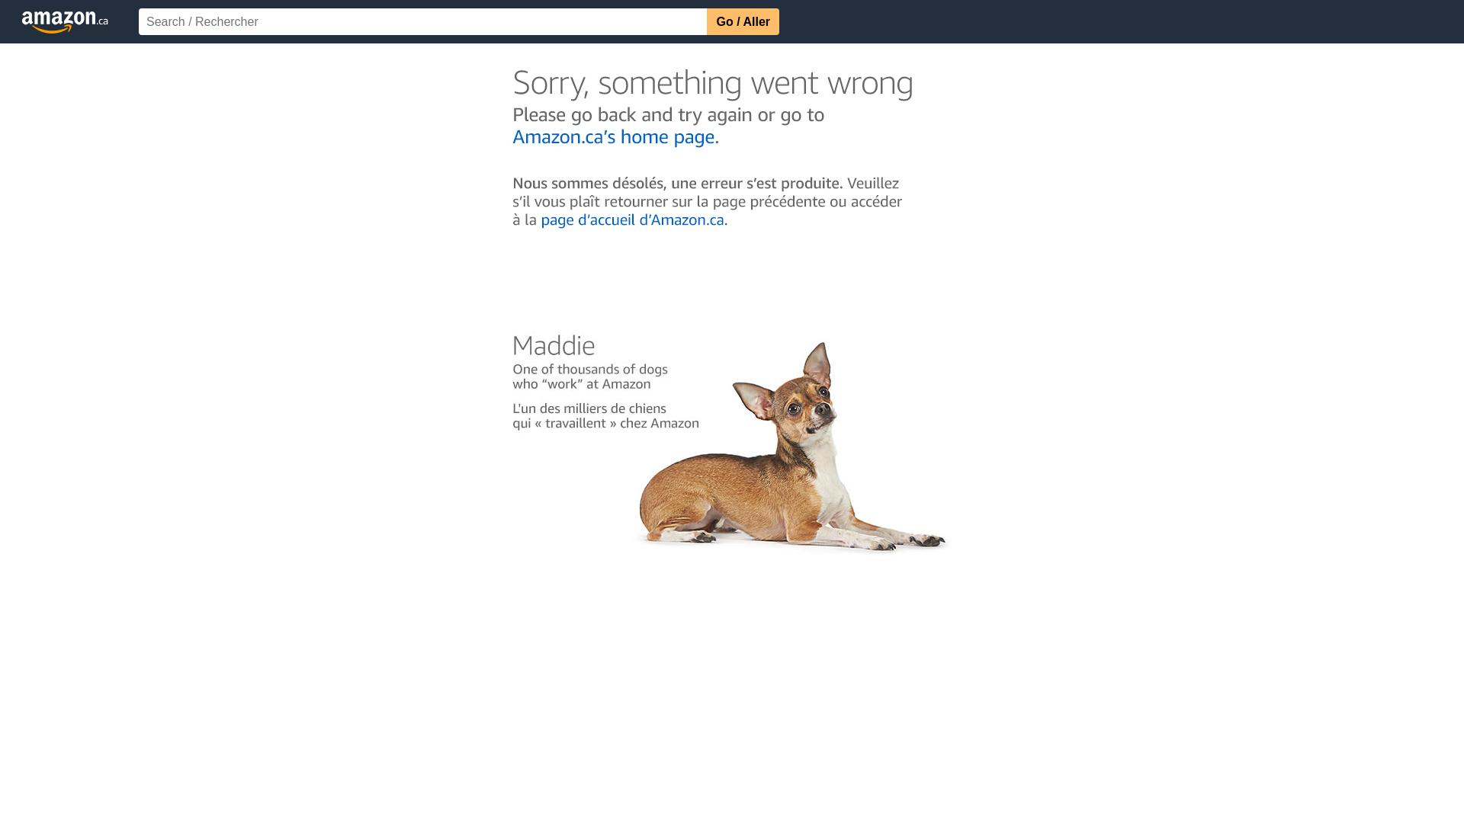 This screenshot has width=1464, height=823. I want to click on 'Go / Aller', so click(743, 21).